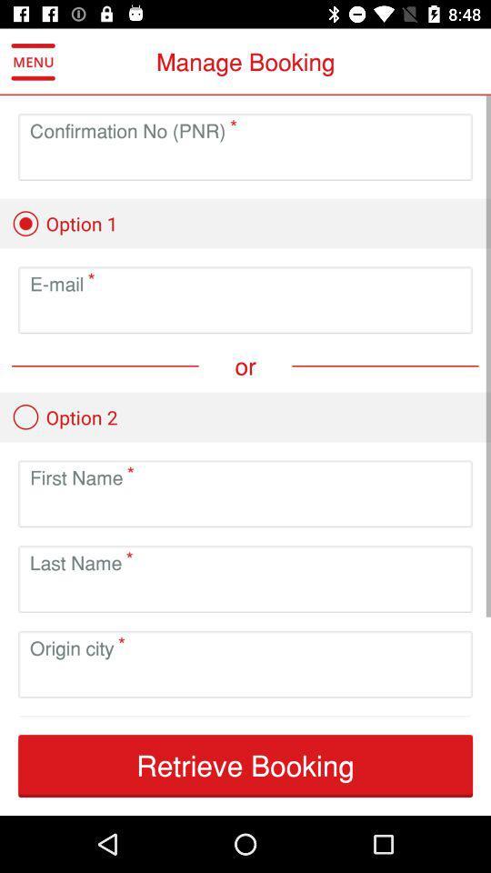 This screenshot has width=491, height=873. I want to click on confirmation number, so click(245, 160).